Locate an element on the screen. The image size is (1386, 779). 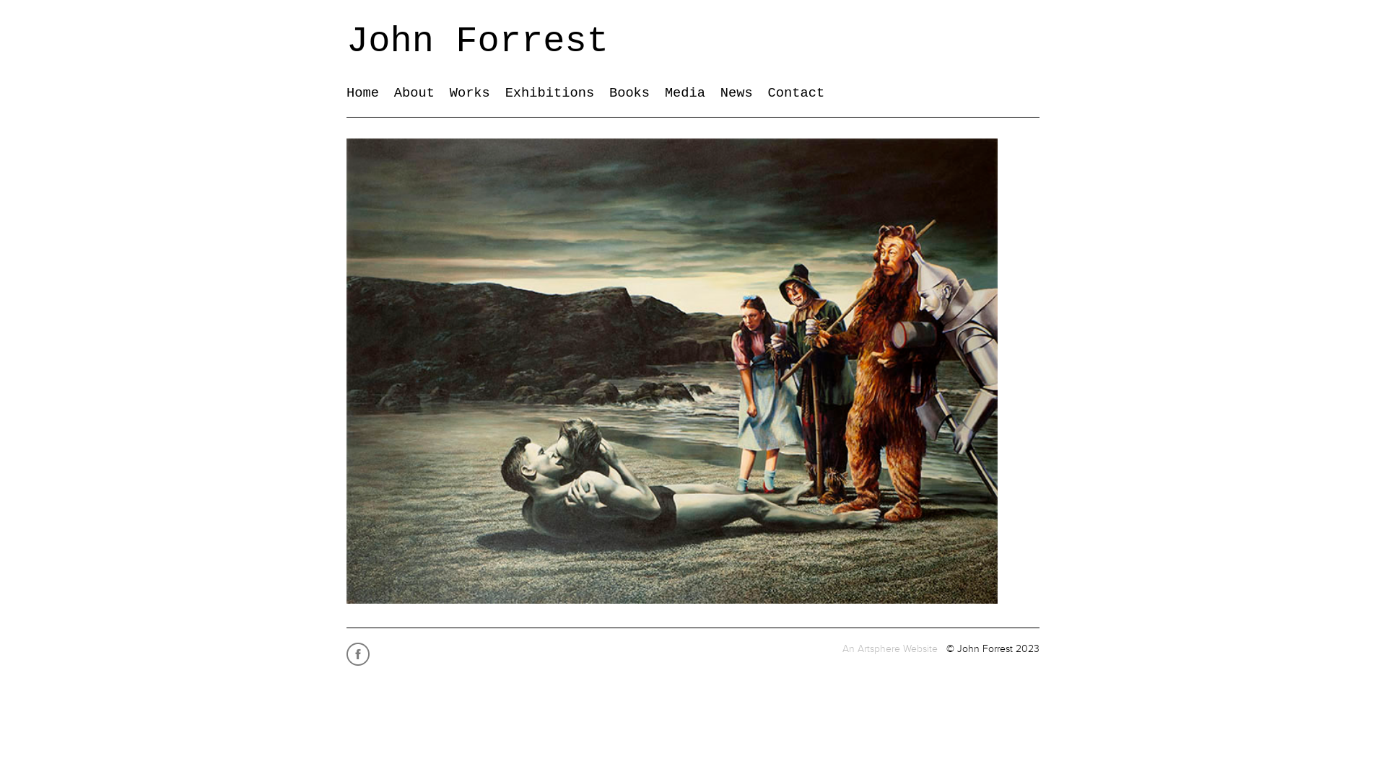
'Media' is located at coordinates (664, 92).